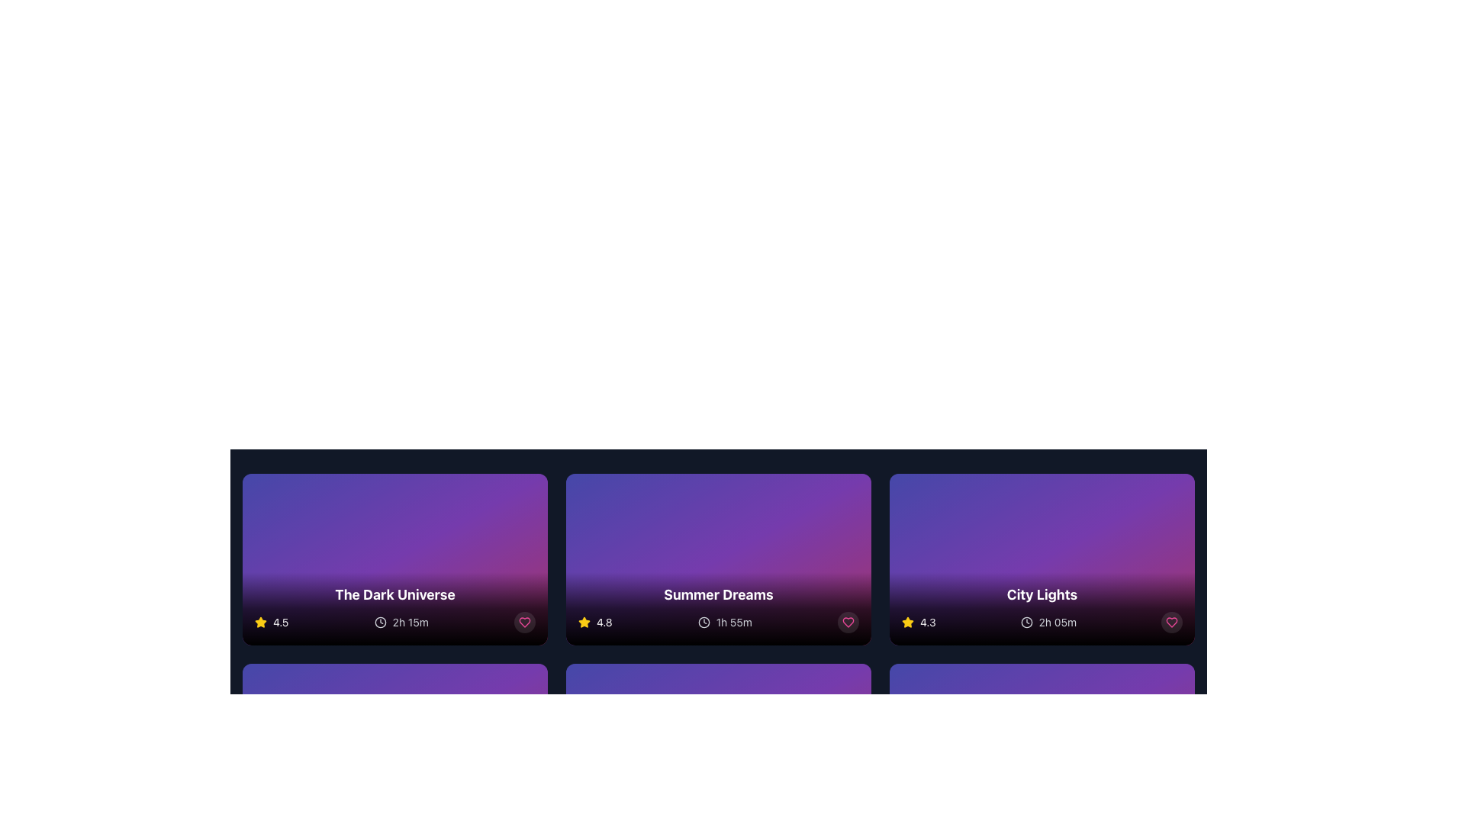 This screenshot has width=1465, height=824. Describe the element at coordinates (1171, 623) in the screenshot. I see `the heart-shaped icon outlined in pink at the bottom right corner of the 'City Lights' card to mark it as a favorite` at that location.